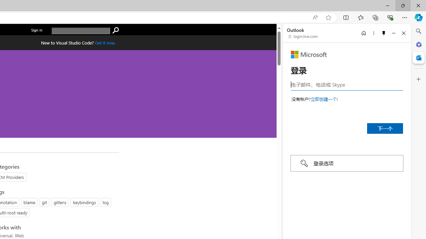 The height and width of the screenshot is (239, 426). What do you see at coordinates (418, 44) in the screenshot?
I see `'Microsoft 365'` at bounding box center [418, 44].